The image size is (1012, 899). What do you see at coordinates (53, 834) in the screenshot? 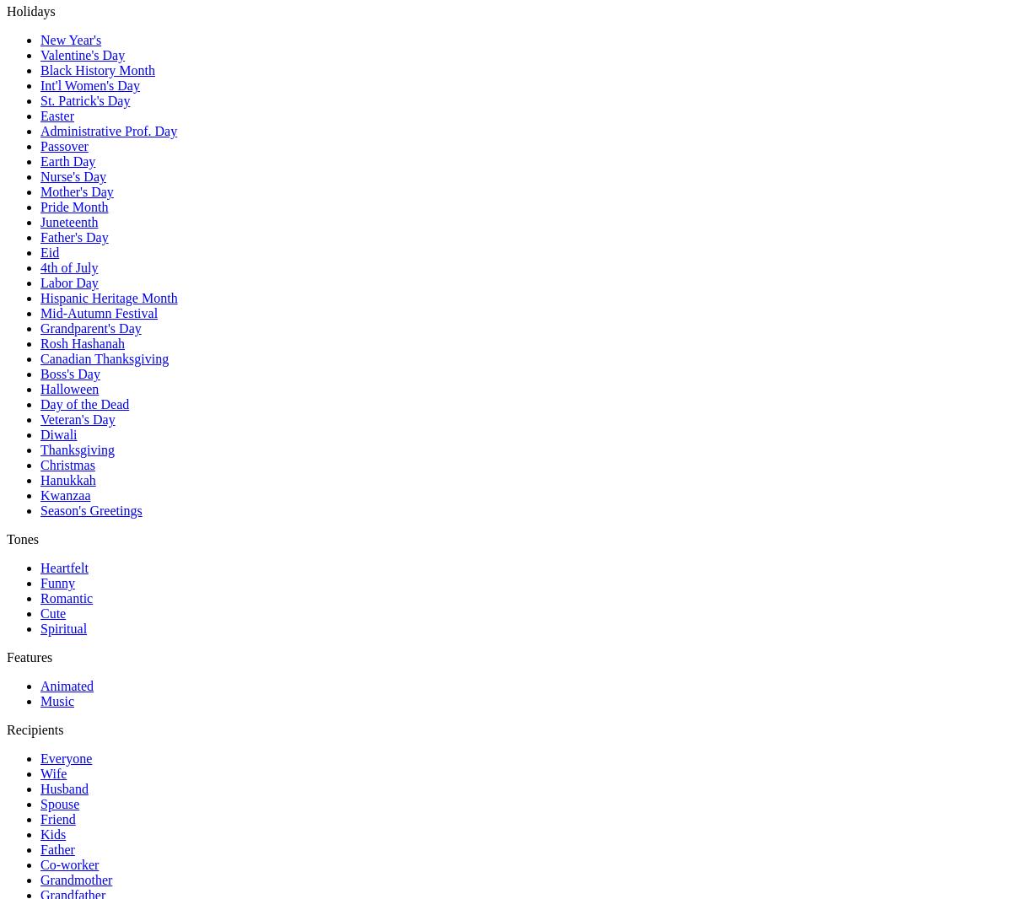
I see `'Kids'` at bounding box center [53, 834].